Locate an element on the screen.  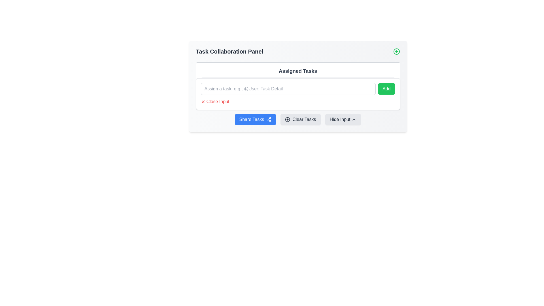
the Chevron-Up icon located within the 'Hide Input' button, which serves as a visual indicator for a collapsible action is located at coordinates (354, 119).